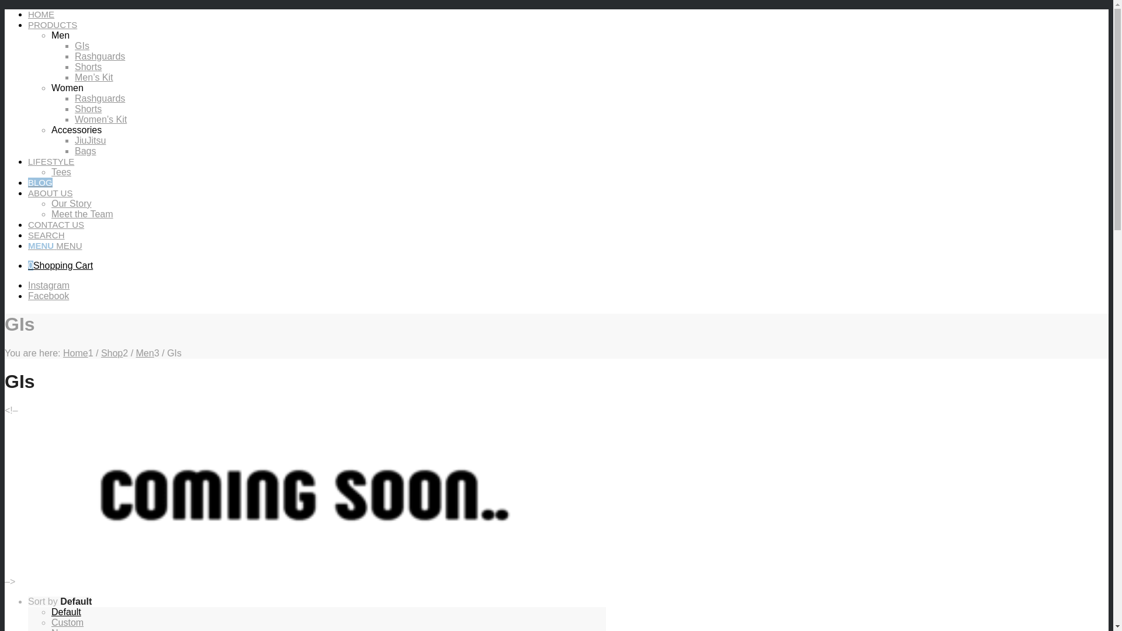 This screenshot has width=1122, height=631. Describe the element at coordinates (48, 285) in the screenshot. I see `'Instagram'` at that location.